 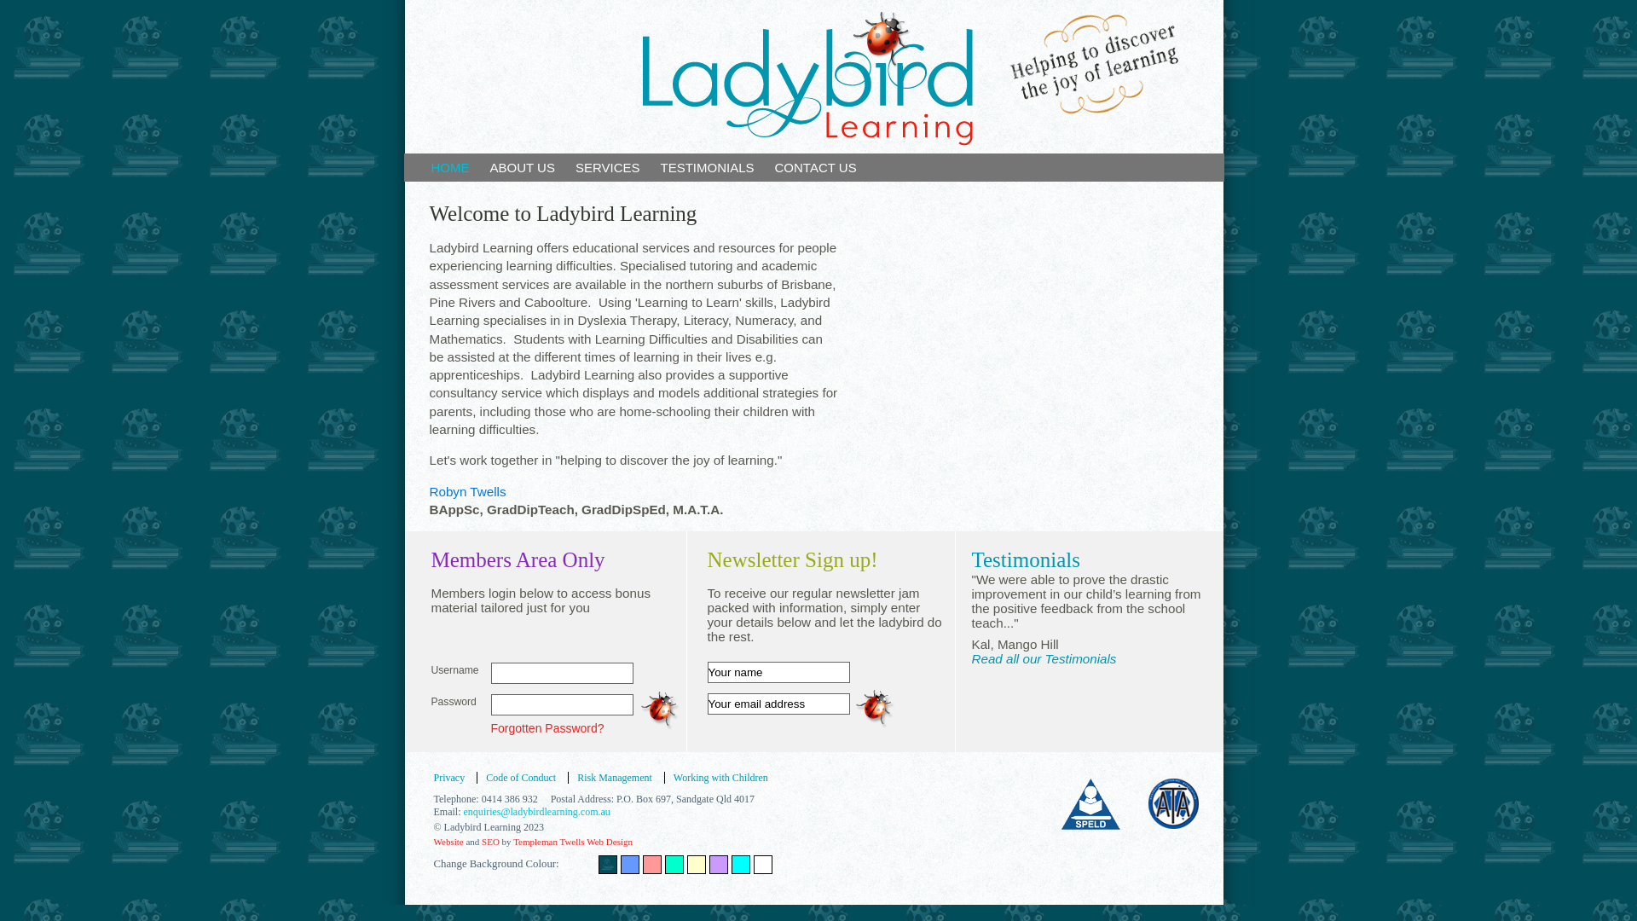 What do you see at coordinates (778, 704) in the screenshot?
I see `'Your email address'` at bounding box center [778, 704].